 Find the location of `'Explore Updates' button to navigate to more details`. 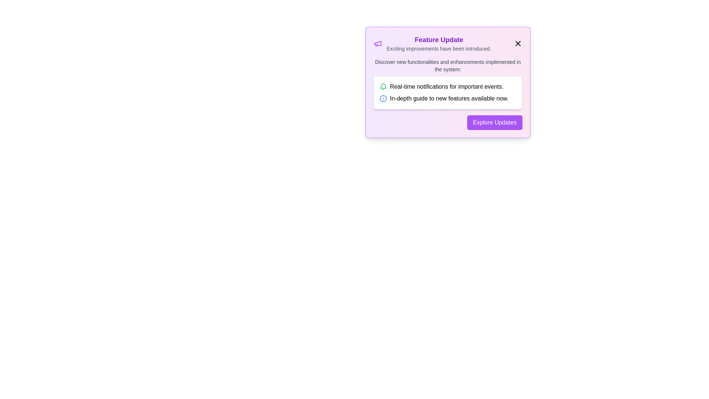

'Explore Updates' button to navigate to more details is located at coordinates (494, 122).